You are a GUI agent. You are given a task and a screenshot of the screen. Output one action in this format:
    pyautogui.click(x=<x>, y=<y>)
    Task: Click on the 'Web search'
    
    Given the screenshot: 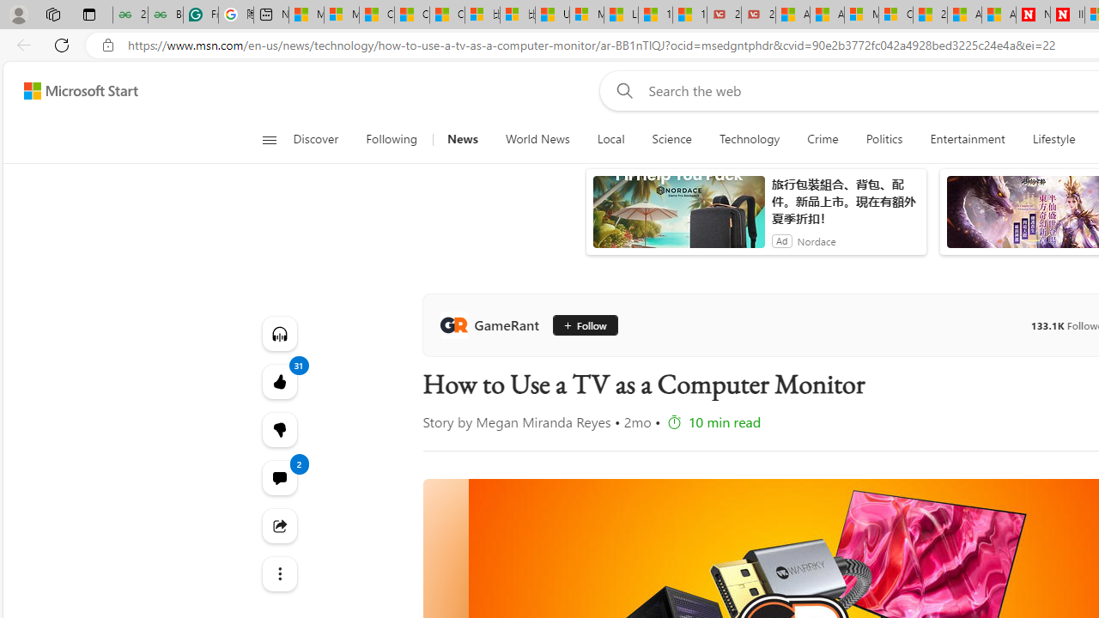 What is the action you would take?
    pyautogui.click(x=621, y=90)
    